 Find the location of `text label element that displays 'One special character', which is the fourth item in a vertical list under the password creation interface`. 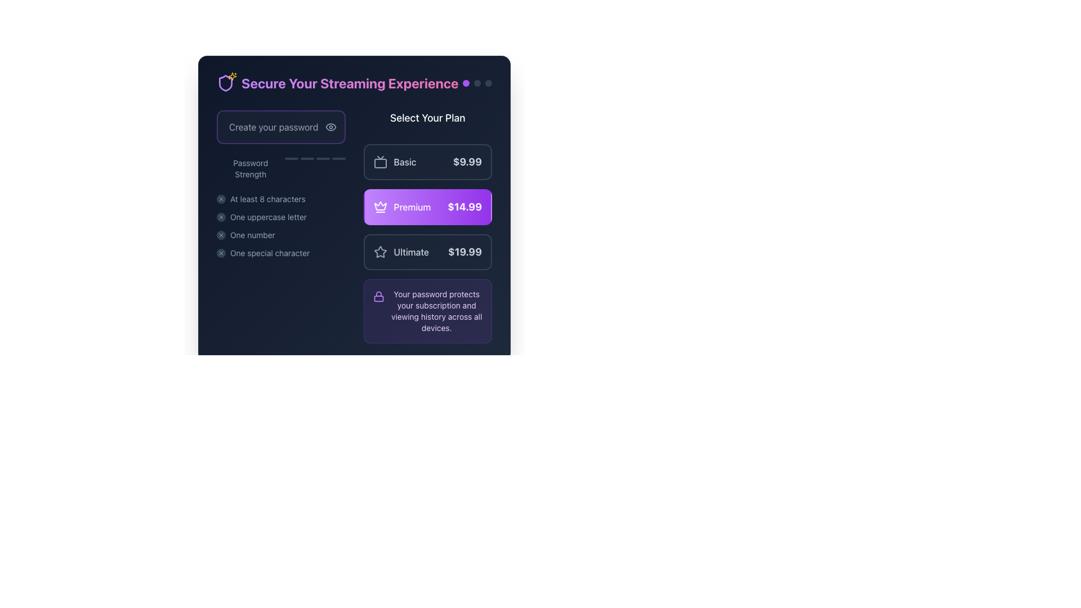

text label element that displays 'One special character', which is the fourth item in a vertical list under the password creation interface is located at coordinates (269, 253).